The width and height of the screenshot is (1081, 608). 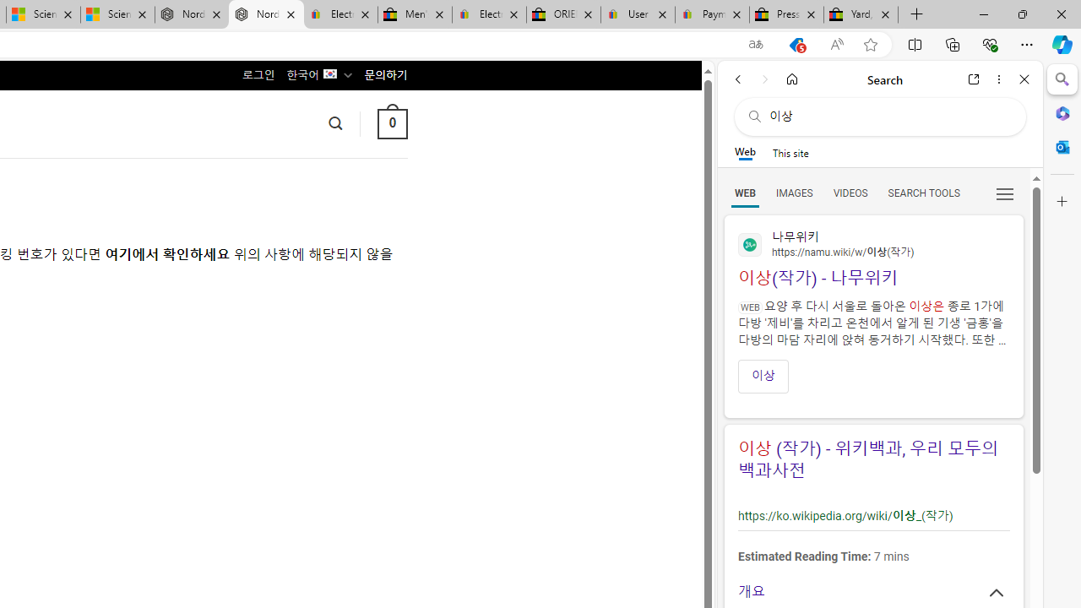 What do you see at coordinates (764, 79) in the screenshot?
I see `'Forward'` at bounding box center [764, 79].